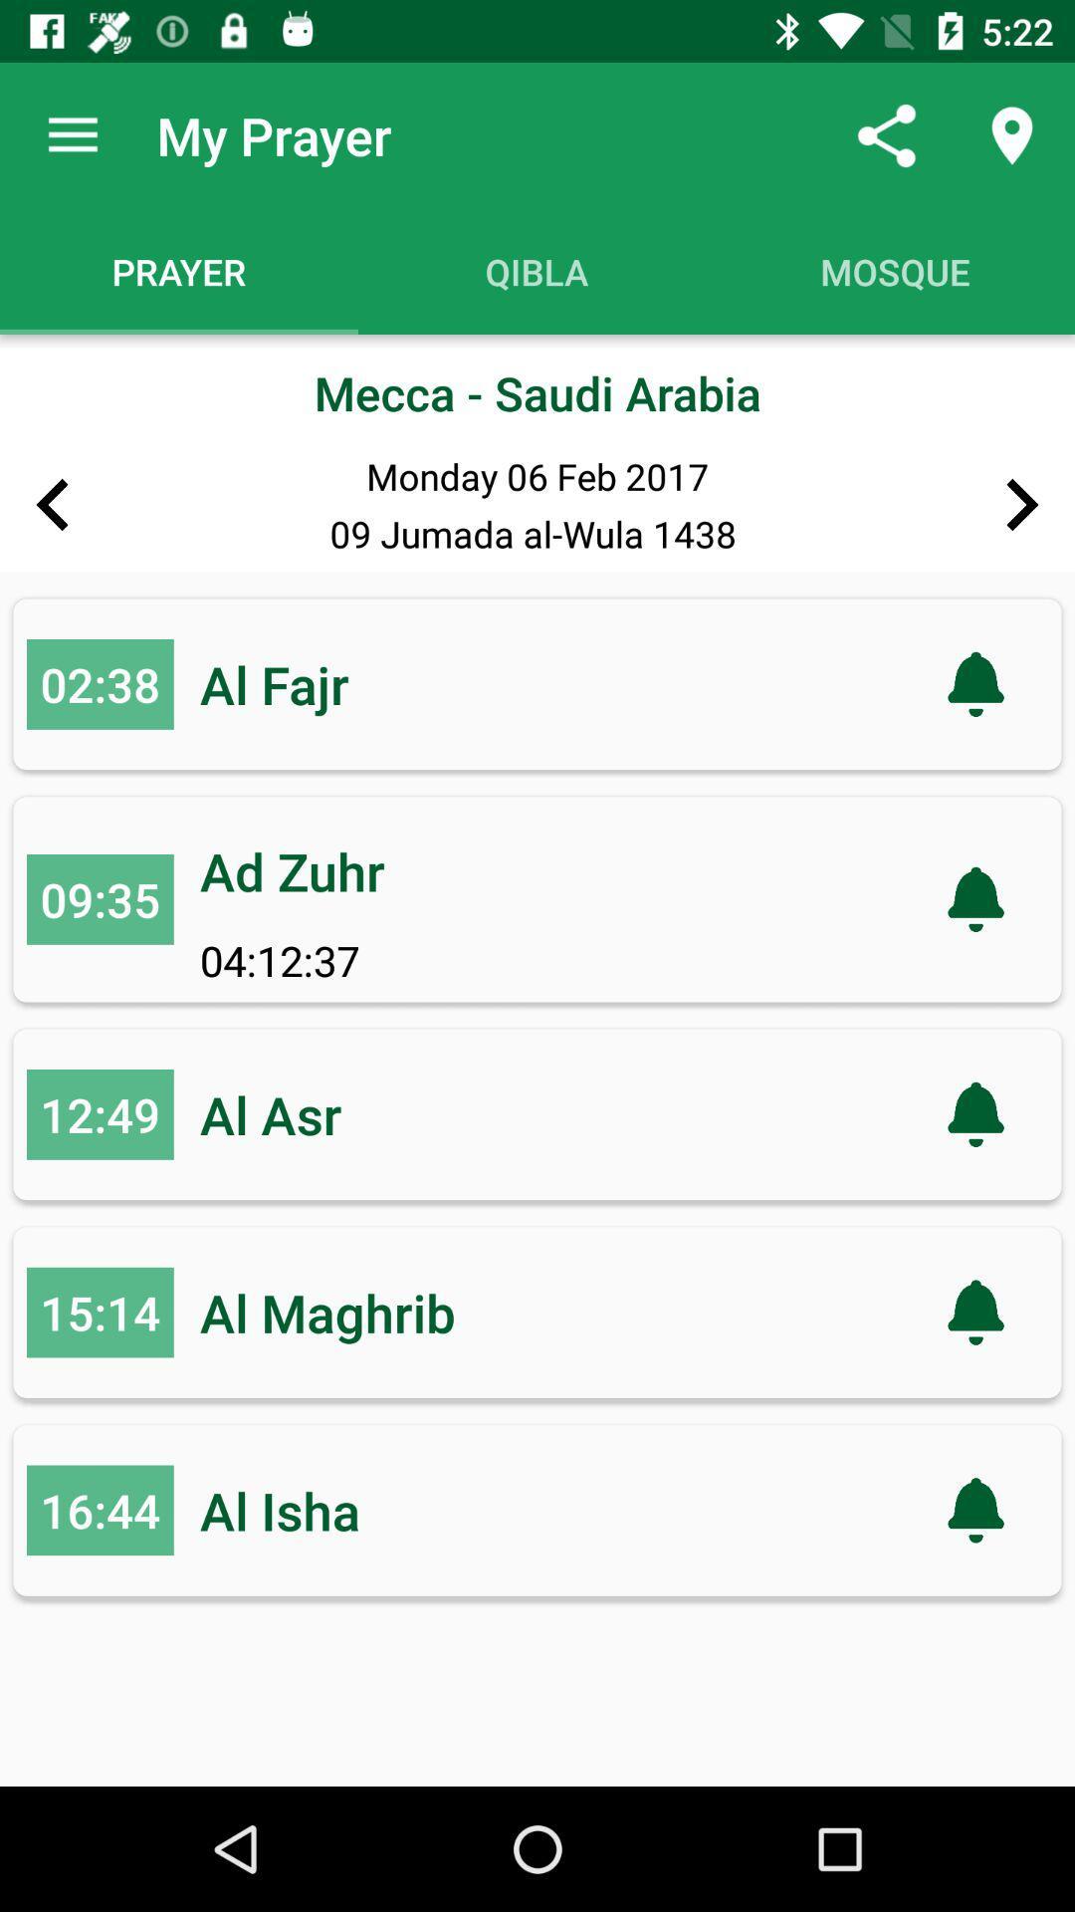  What do you see at coordinates (72, 134) in the screenshot?
I see `app to the left of the my prayer icon` at bounding box center [72, 134].